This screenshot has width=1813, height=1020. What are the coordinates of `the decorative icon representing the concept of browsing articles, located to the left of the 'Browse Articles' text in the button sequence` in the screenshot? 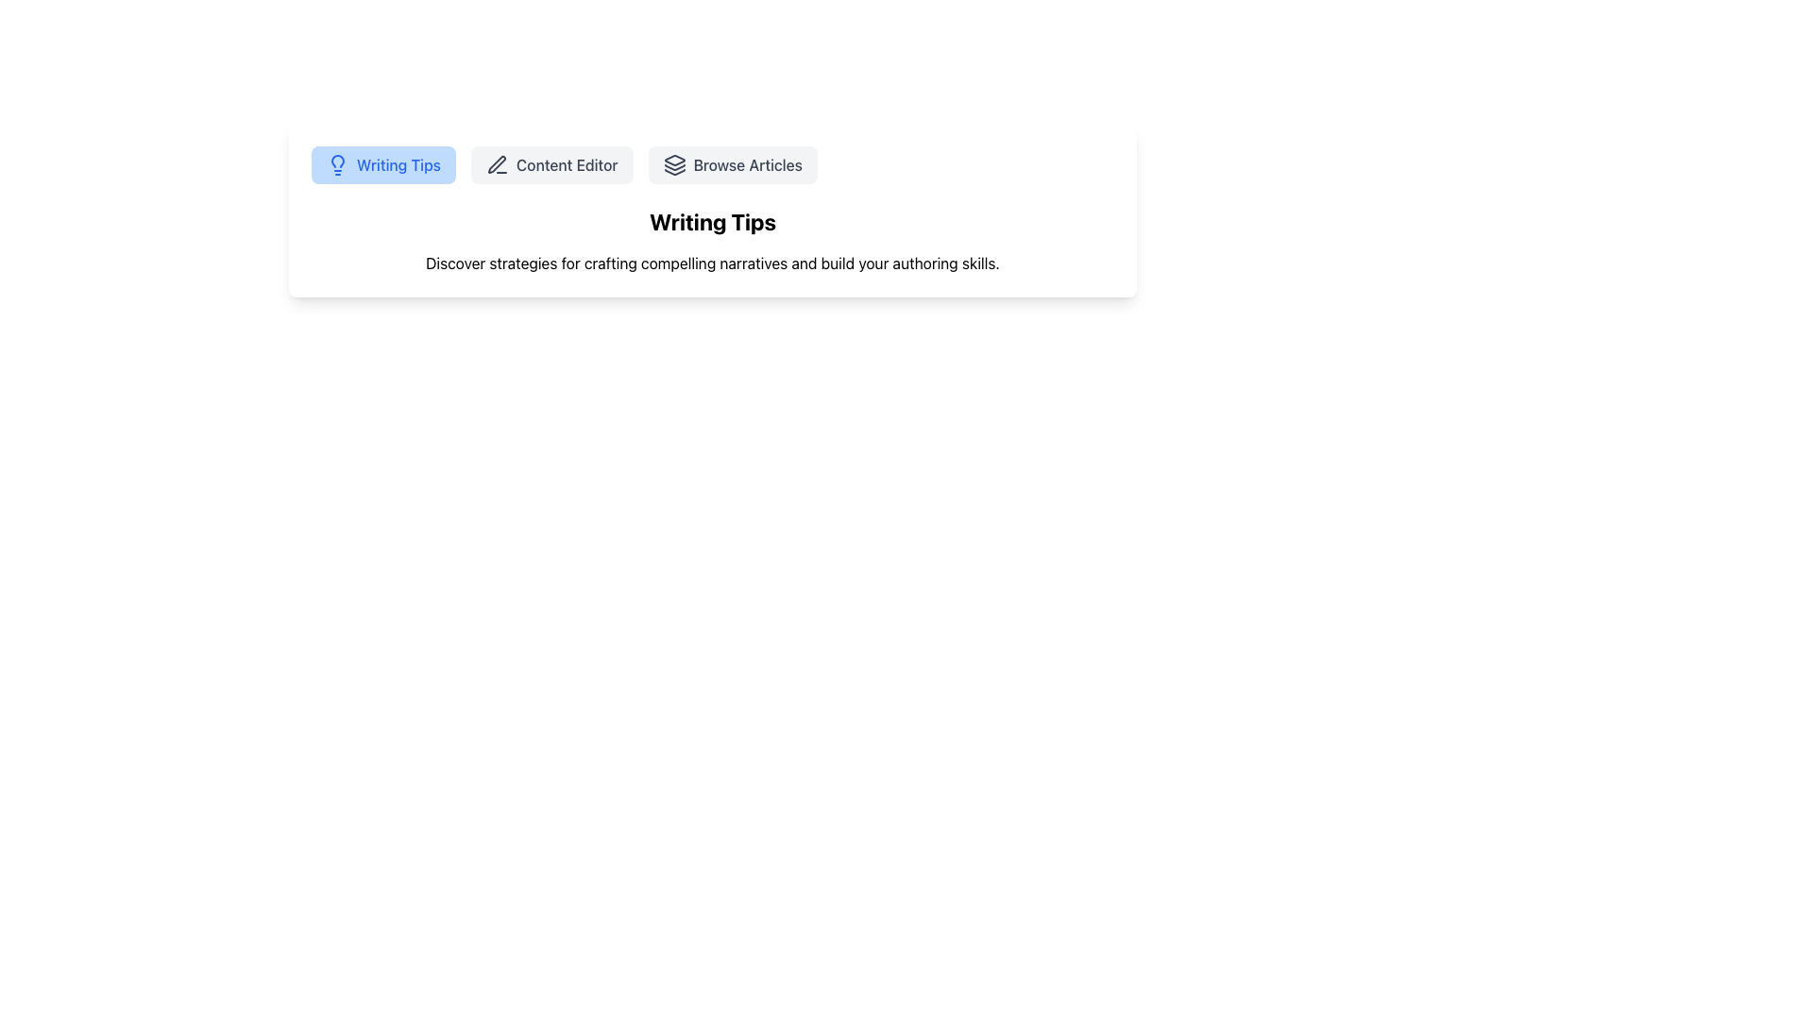 It's located at (674, 163).